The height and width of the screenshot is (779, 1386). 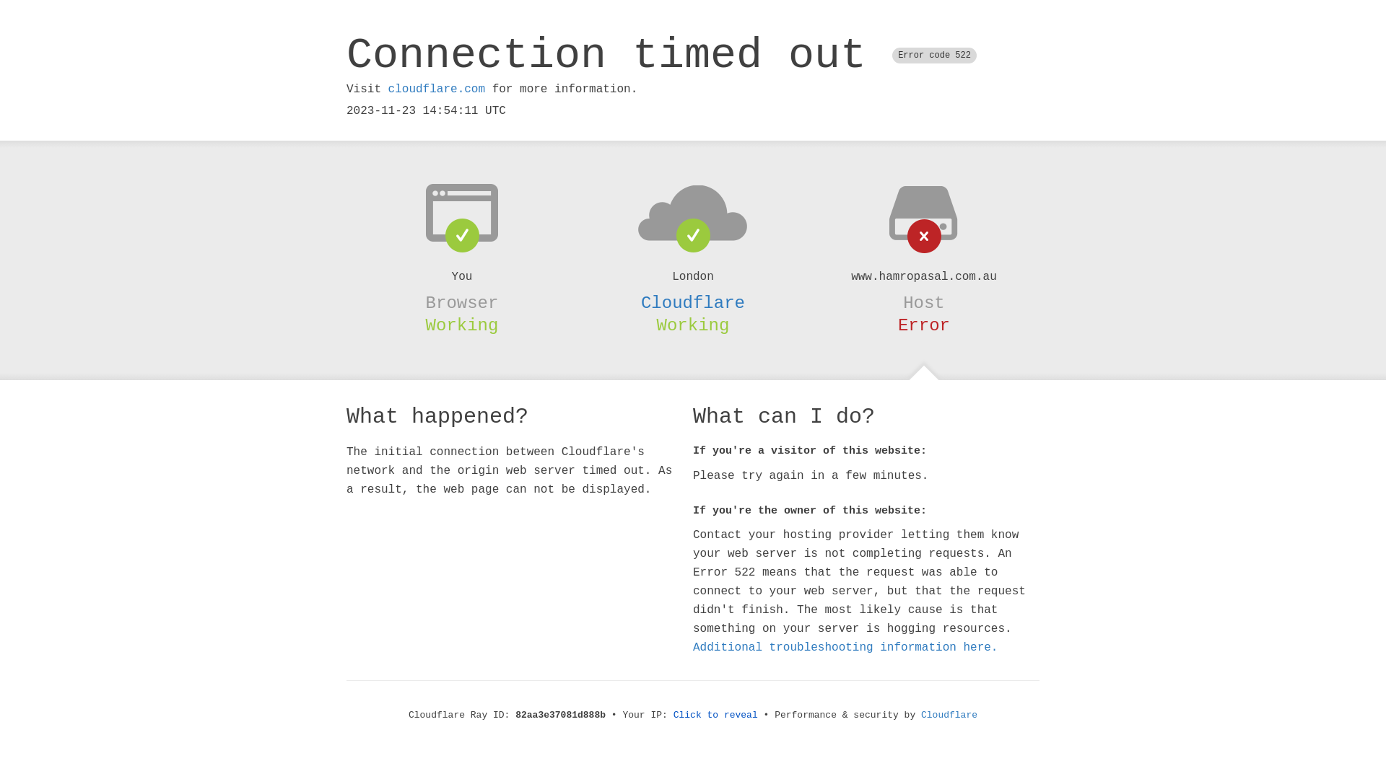 I want to click on 'cloudflare.com', so click(x=435, y=89).